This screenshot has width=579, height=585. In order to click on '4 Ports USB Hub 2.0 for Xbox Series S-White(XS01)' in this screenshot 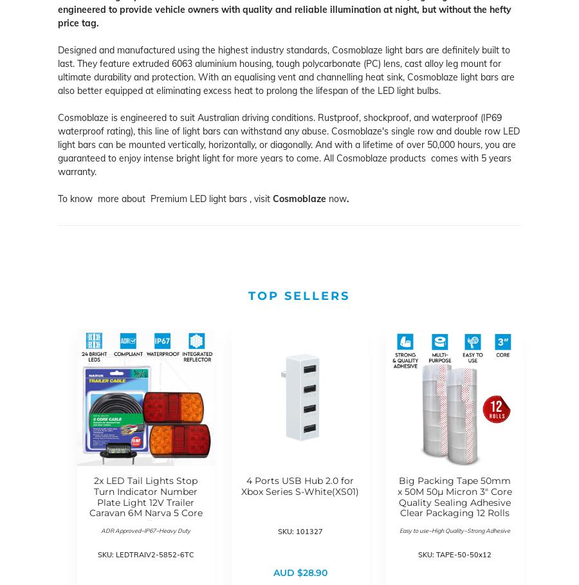, I will do `click(299, 485)`.